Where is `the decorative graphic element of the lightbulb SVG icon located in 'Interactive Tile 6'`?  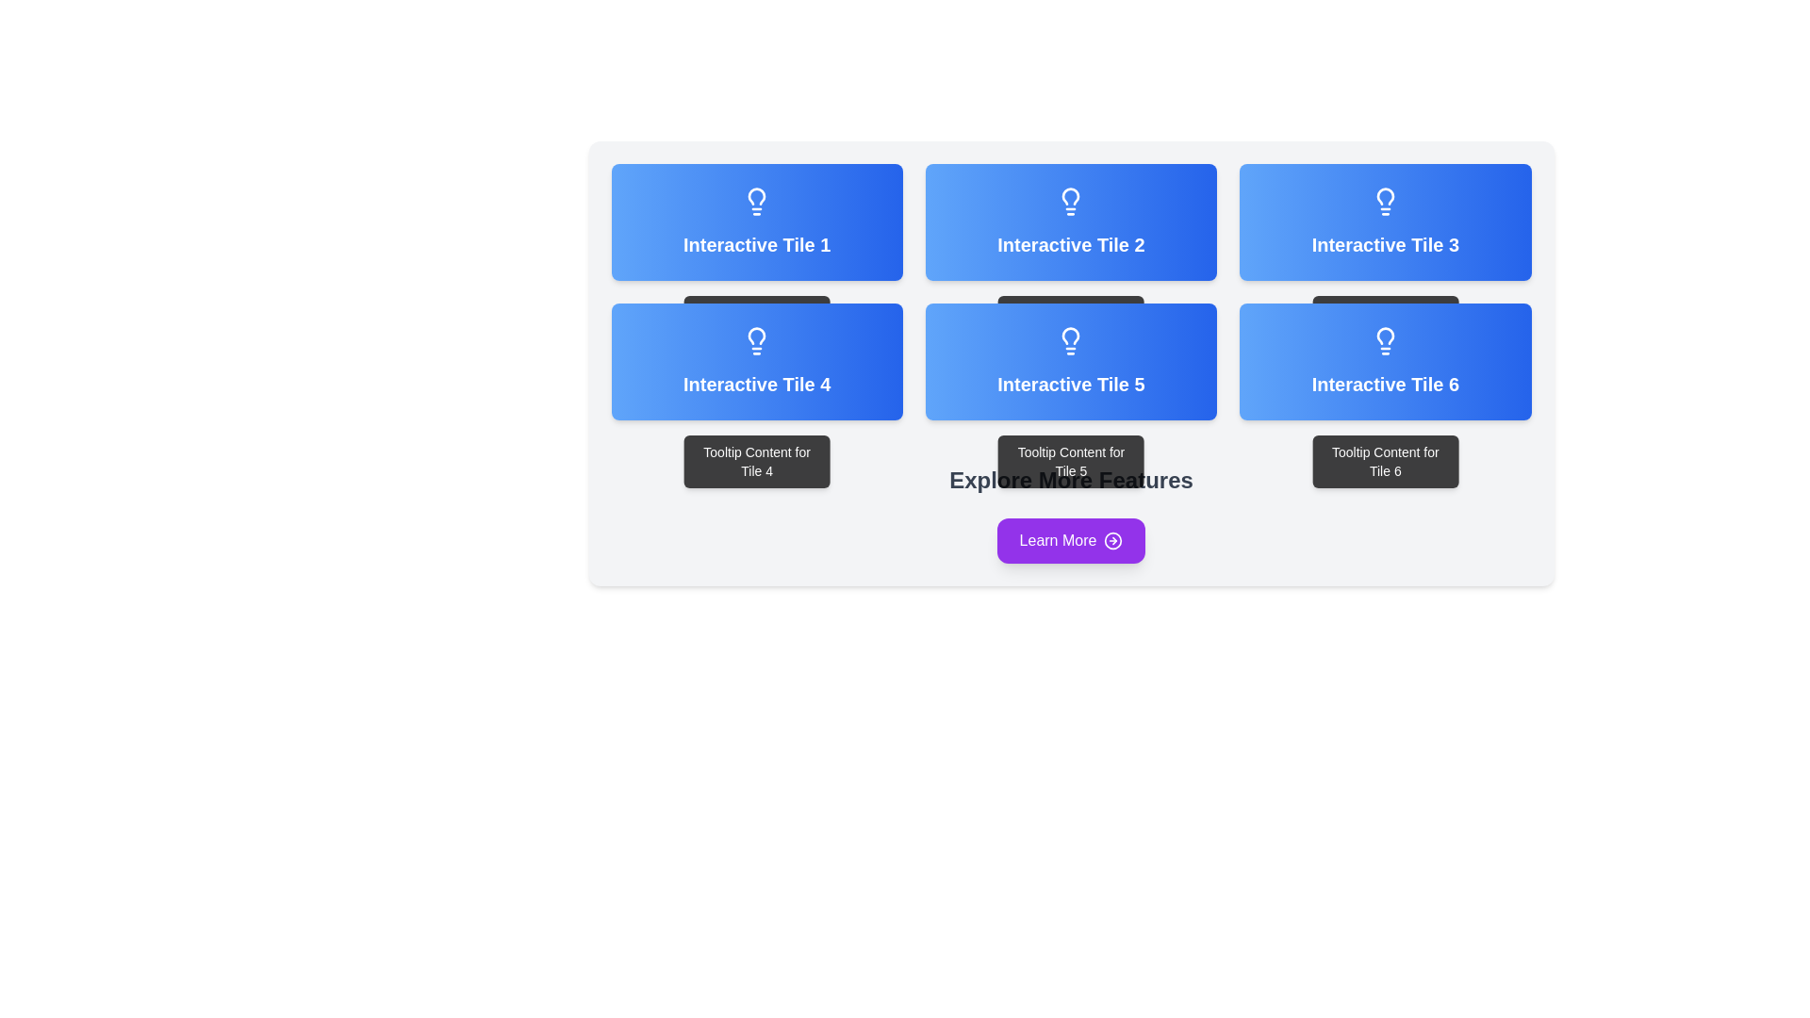
the decorative graphic element of the lightbulb SVG icon located in 'Interactive Tile 6' is located at coordinates (1385, 335).